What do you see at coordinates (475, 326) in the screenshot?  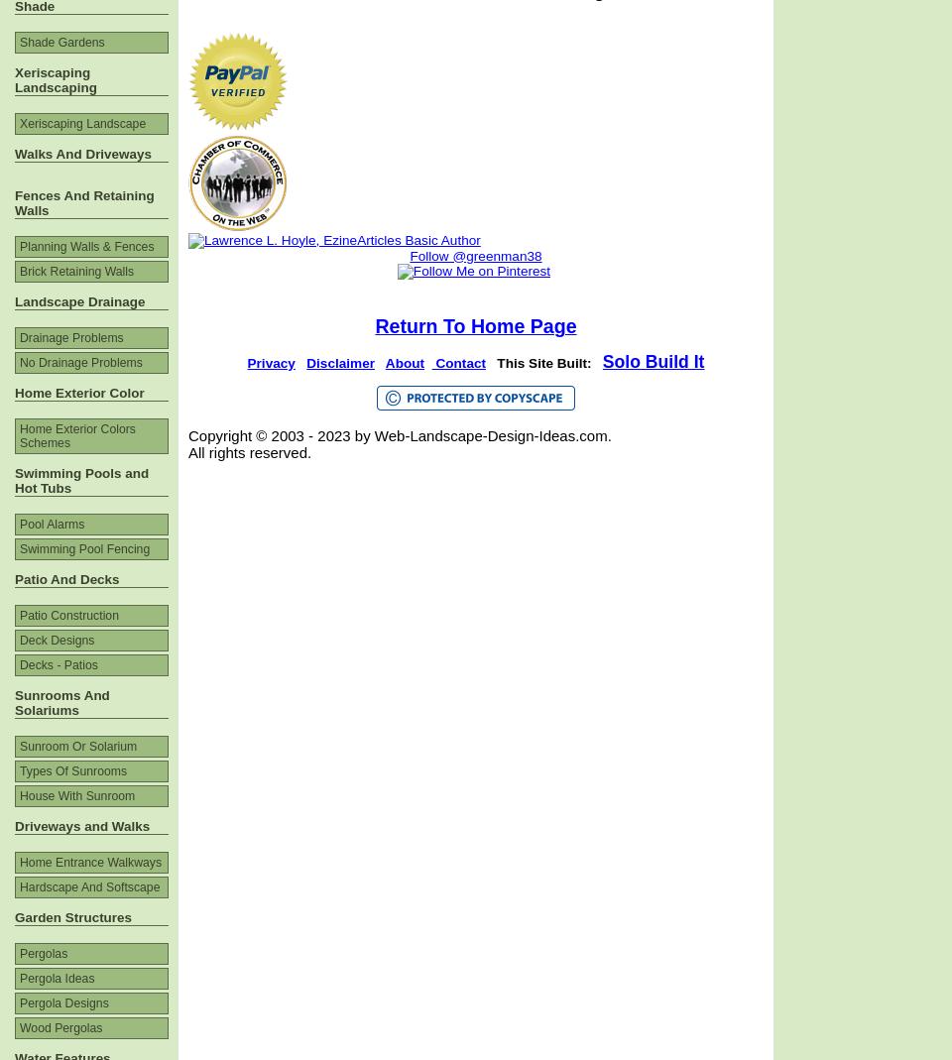 I see `'Return To Home Page'` at bounding box center [475, 326].